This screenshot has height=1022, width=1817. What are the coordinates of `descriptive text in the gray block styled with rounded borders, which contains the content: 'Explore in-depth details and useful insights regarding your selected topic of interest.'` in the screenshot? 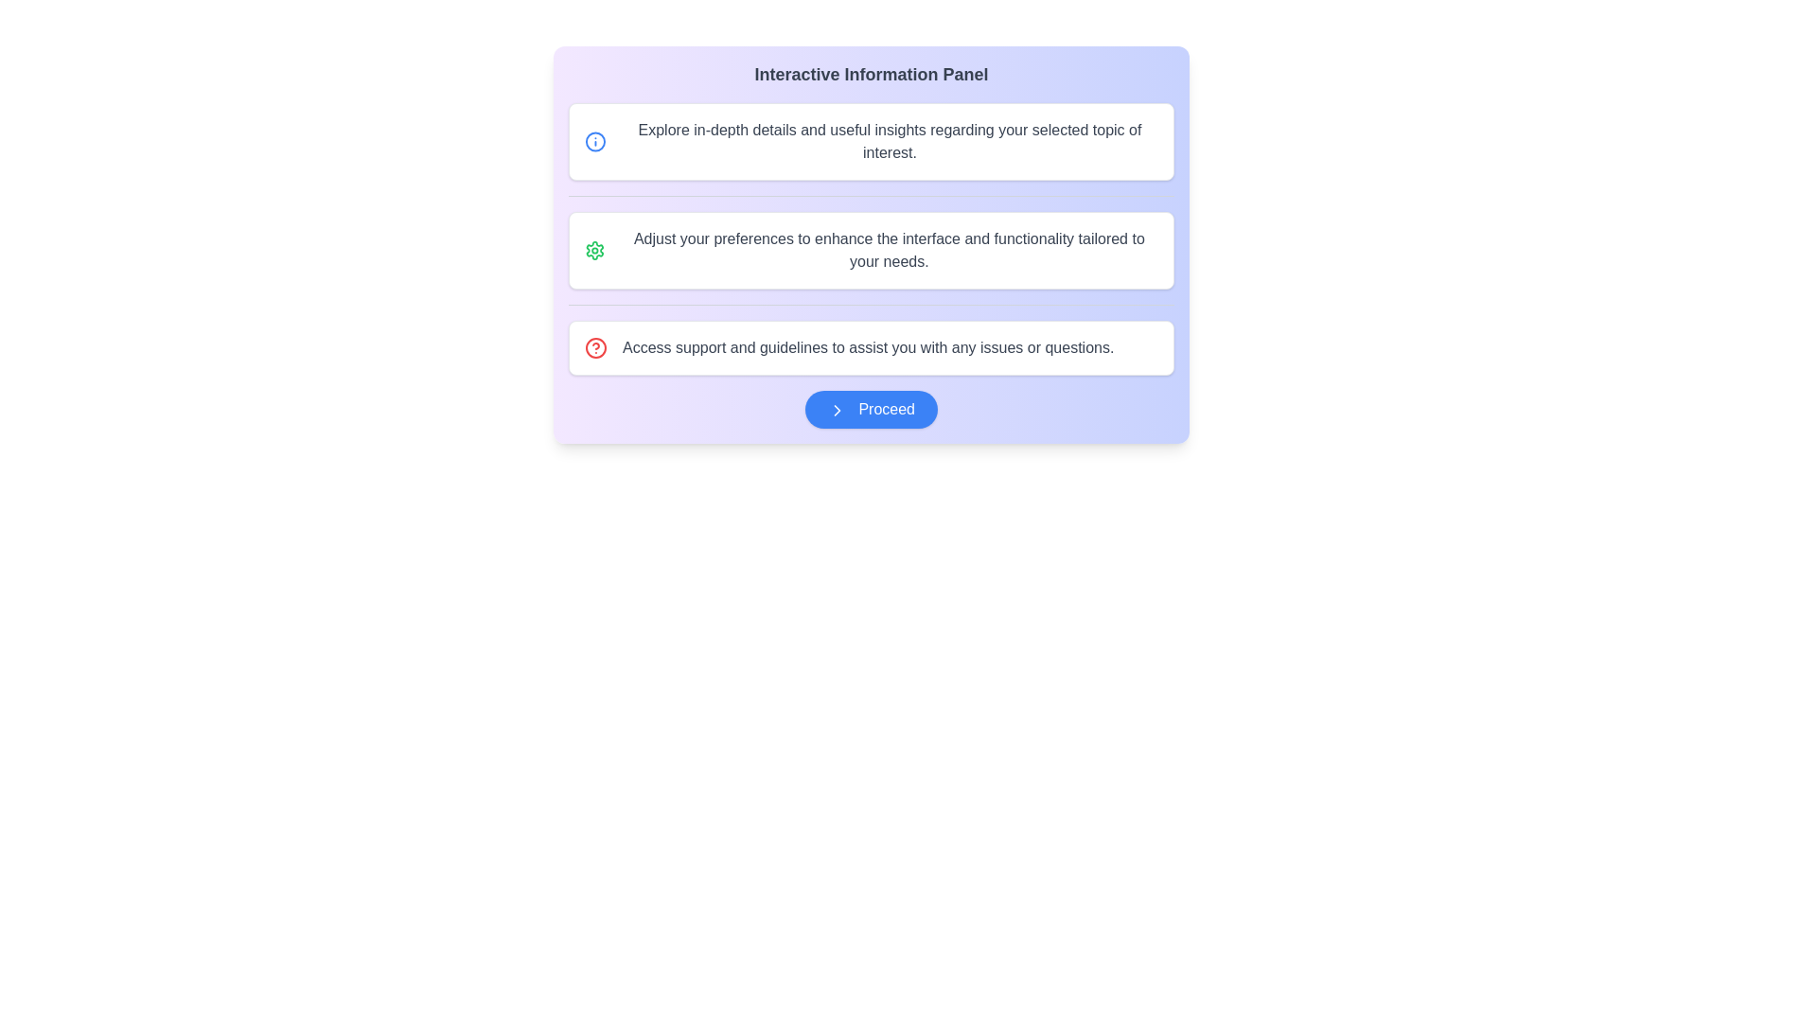 It's located at (889, 141).